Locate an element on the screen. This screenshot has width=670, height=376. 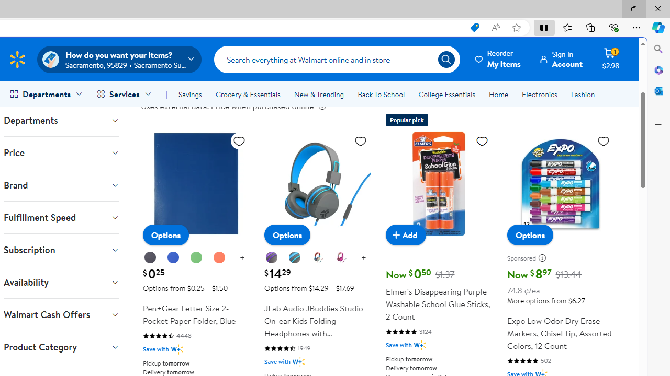
'Electronics' is located at coordinates (540, 95).